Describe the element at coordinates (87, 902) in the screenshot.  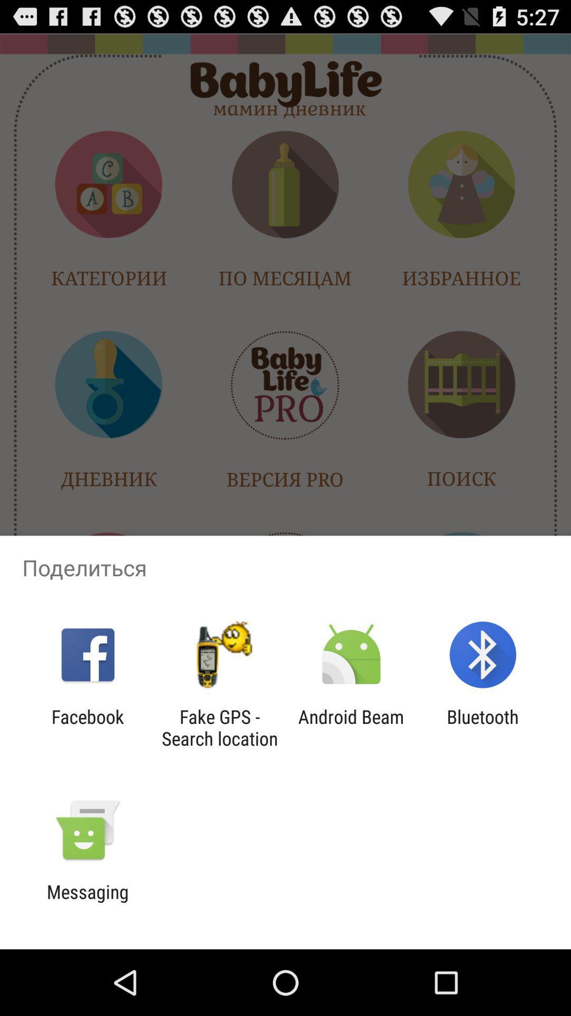
I see `messaging item` at that location.